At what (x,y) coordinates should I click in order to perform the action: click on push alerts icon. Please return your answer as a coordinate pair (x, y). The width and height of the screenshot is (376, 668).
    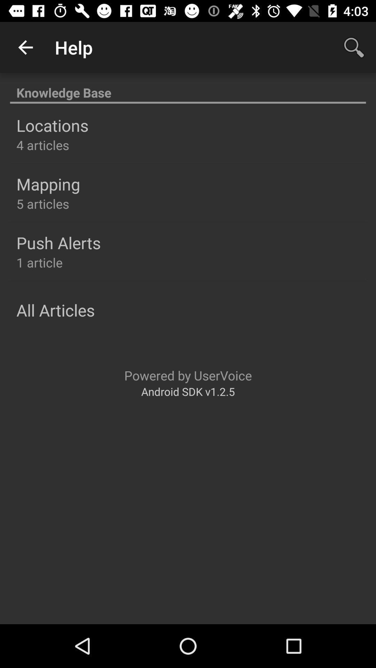
    Looking at the image, I should click on (58, 242).